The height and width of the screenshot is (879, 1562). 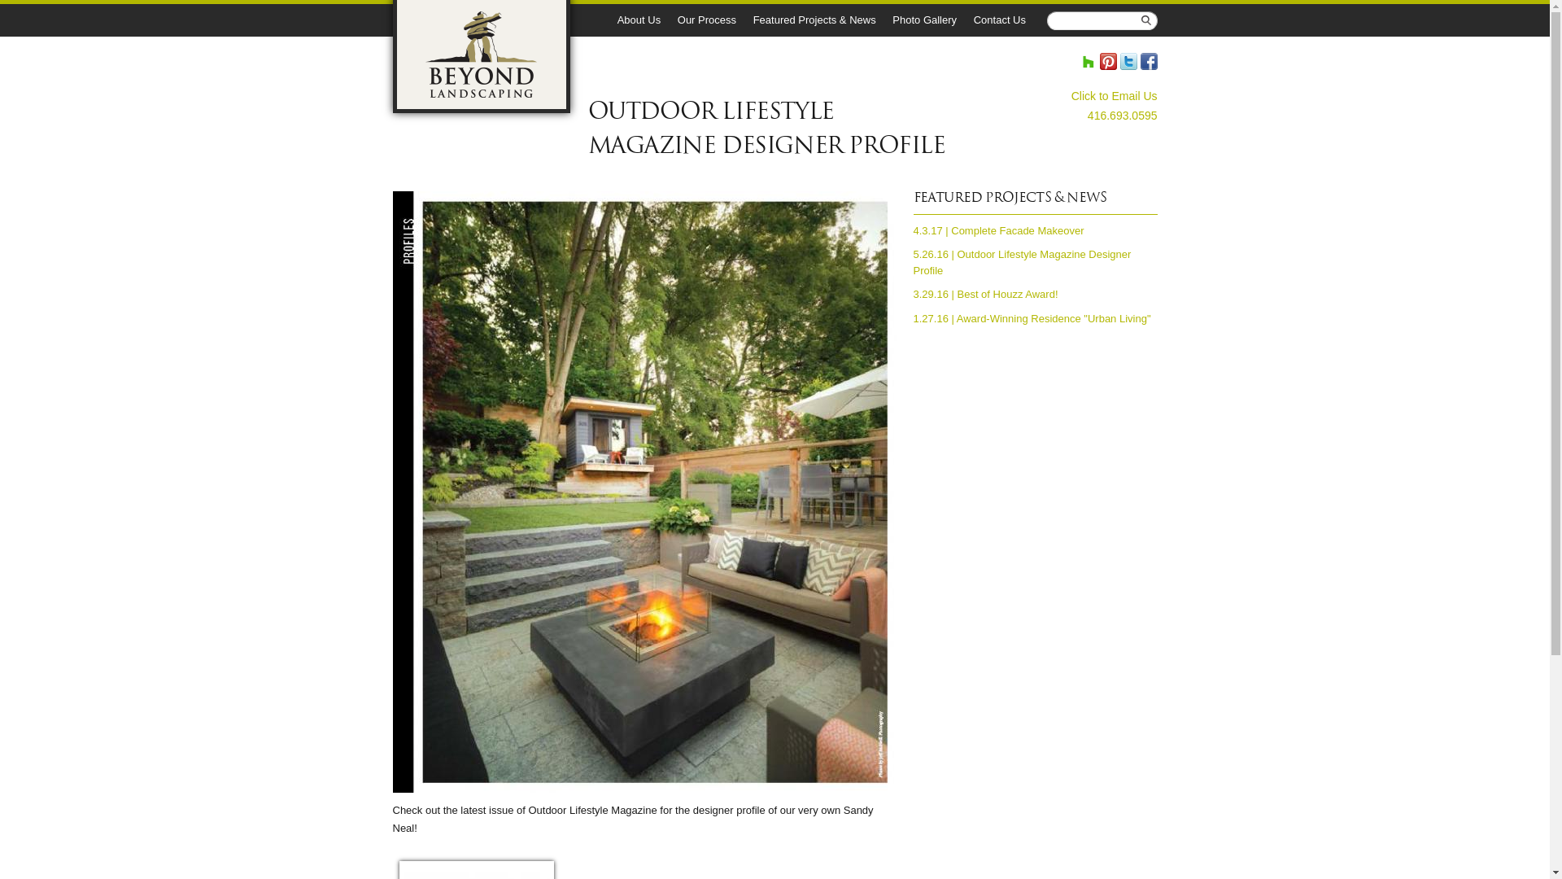 I want to click on 'Our Process', so click(x=678, y=15).